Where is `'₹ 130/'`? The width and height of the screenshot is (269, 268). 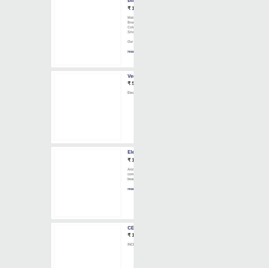 '₹ 130/' is located at coordinates (134, 8).